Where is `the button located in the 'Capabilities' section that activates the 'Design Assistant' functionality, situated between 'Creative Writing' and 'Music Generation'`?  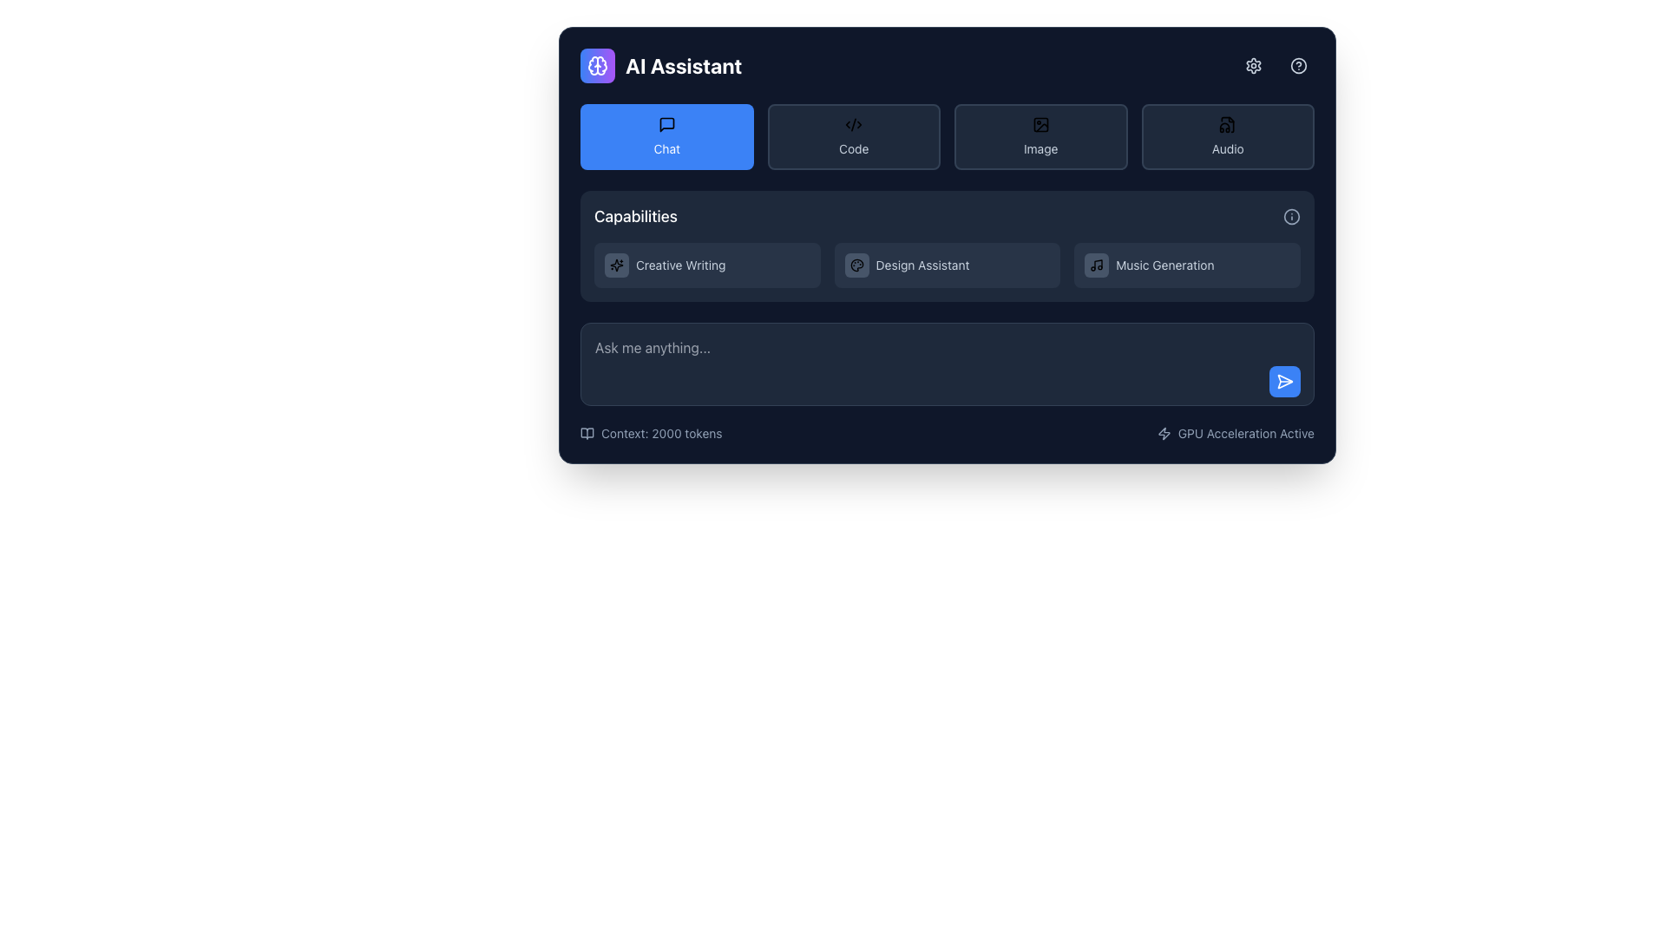
the button located in the 'Capabilities' section that activates the 'Design Assistant' functionality, situated between 'Creative Writing' and 'Music Generation' is located at coordinates (946, 265).